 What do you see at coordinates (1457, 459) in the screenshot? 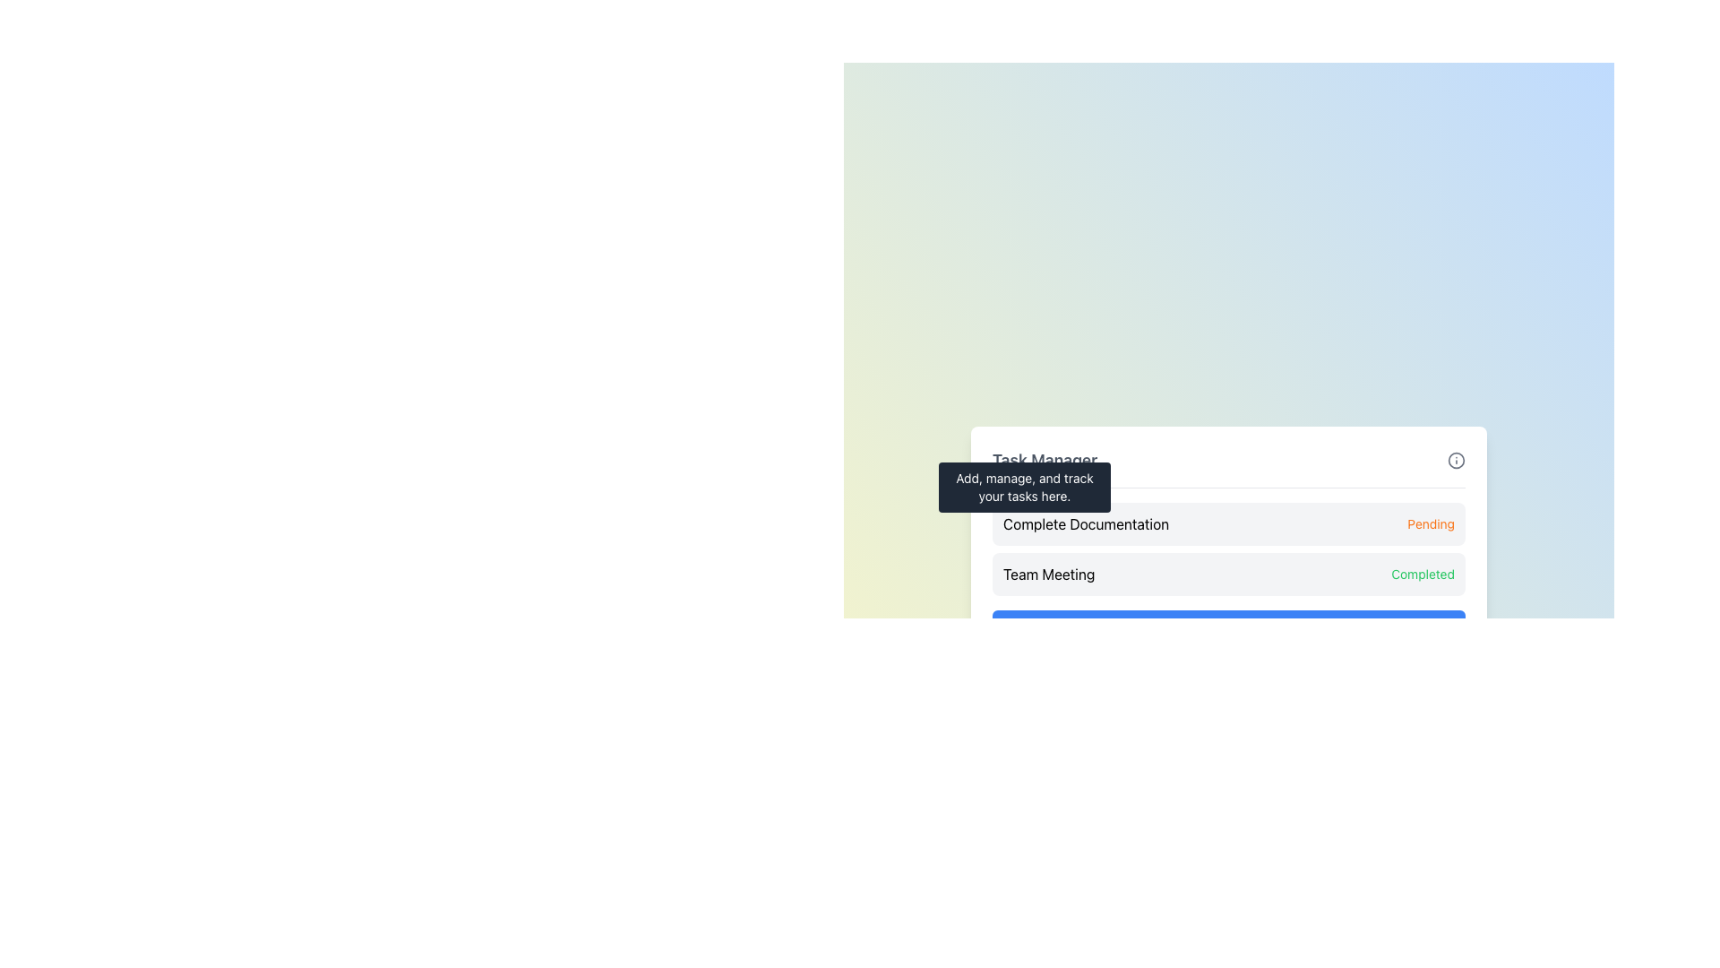
I see `the SVG circle element, which has a thin outline and is styled in a material design pattern, located in the top-right corner of a card component` at bounding box center [1457, 459].